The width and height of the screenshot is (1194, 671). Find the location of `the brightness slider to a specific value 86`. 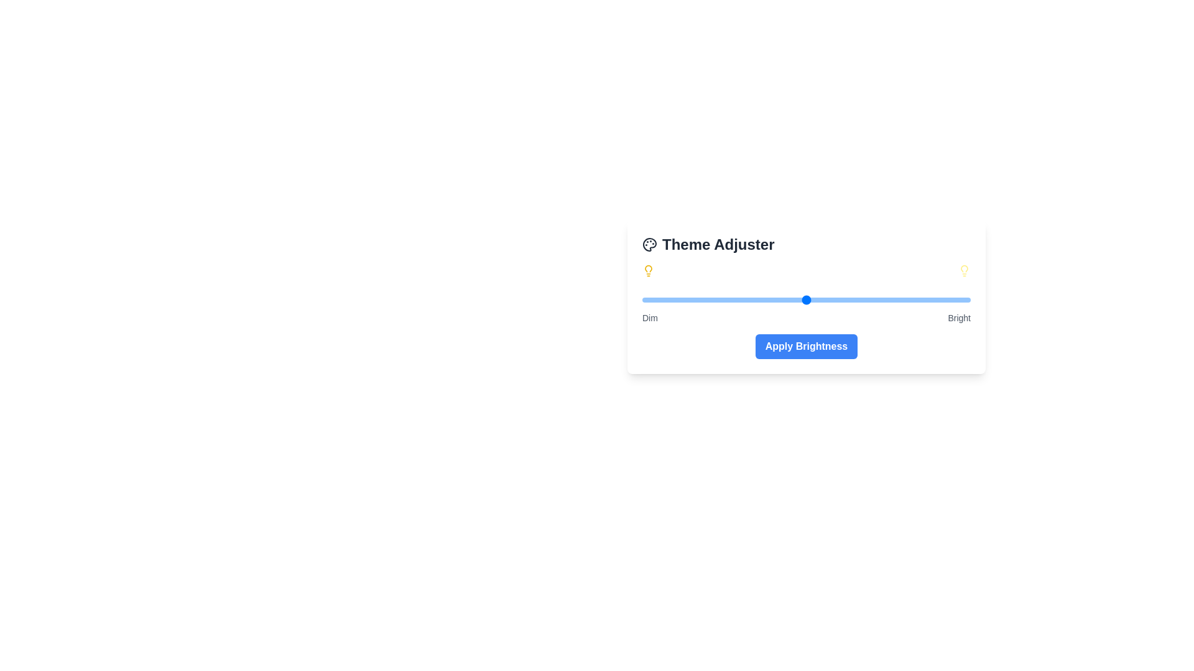

the brightness slider to a specific value 86 is located at coordinates (925, 299).